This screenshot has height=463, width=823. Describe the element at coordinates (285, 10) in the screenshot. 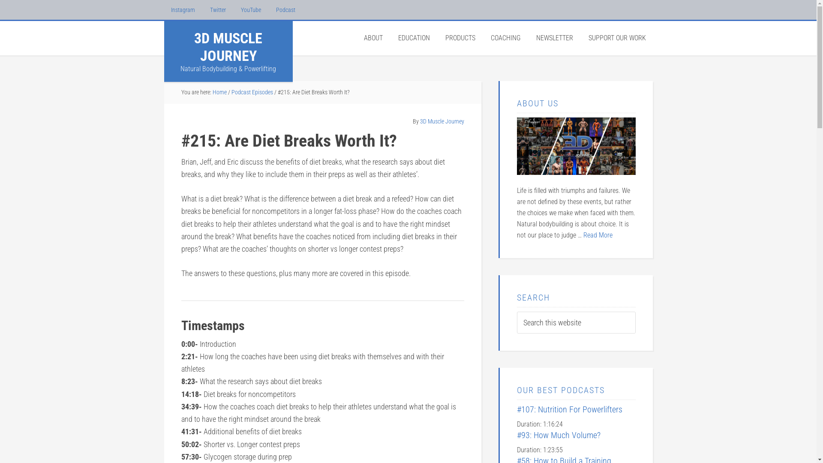

I see `'Podcast'` at that location.